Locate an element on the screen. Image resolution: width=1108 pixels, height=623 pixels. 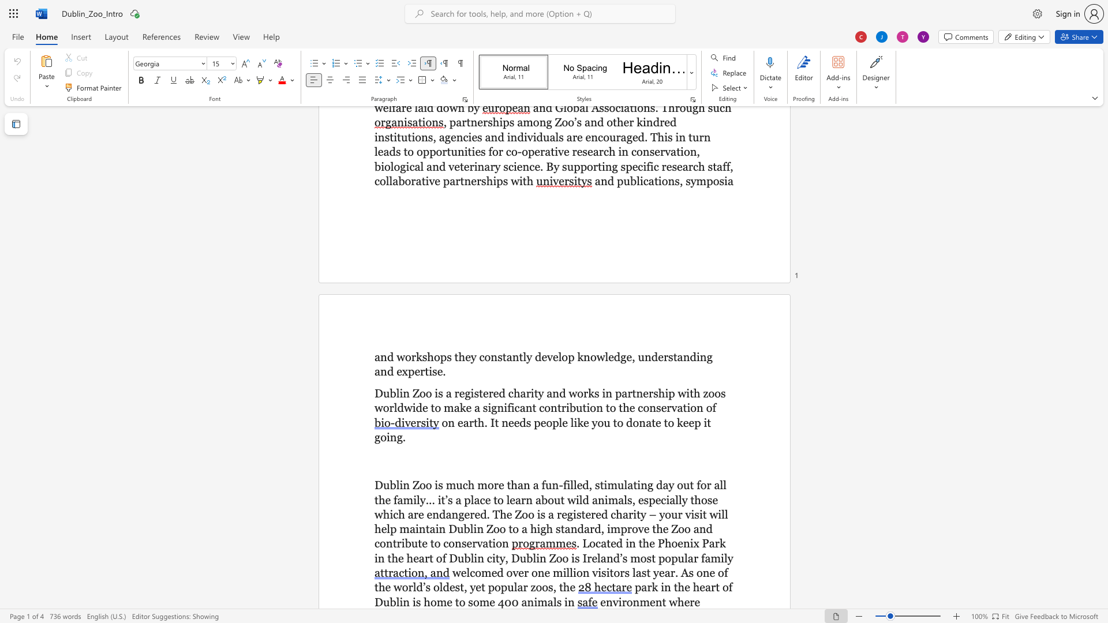
the 2th character "t" in the text is located at coordinates (504, 356).